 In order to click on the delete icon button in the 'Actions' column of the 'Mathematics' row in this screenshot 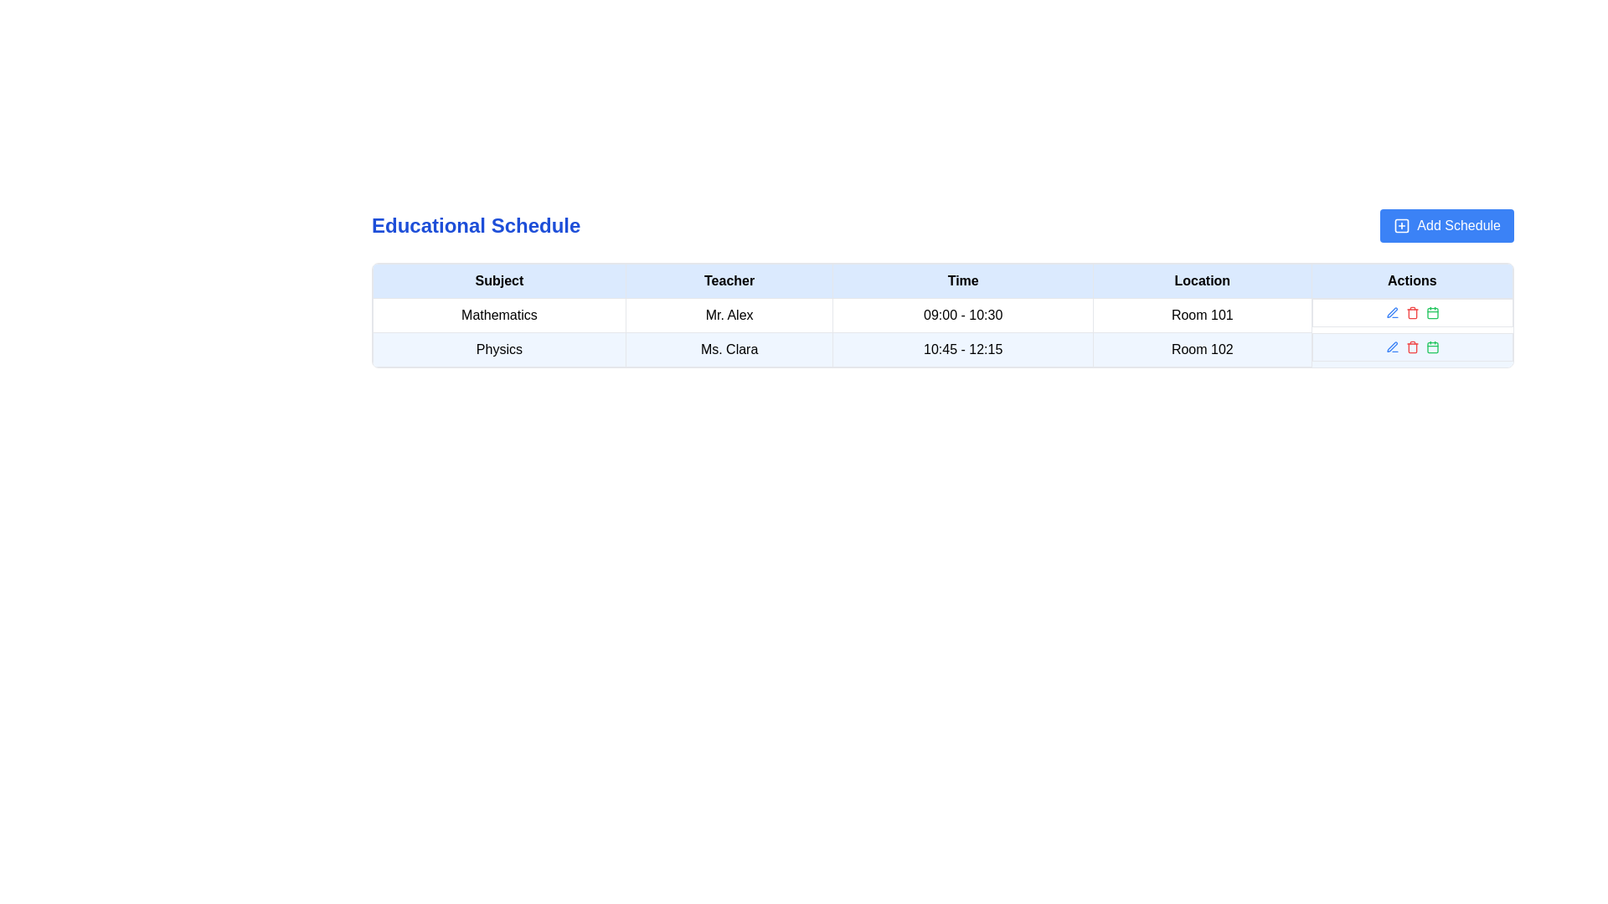, I will do `click(1411, 313)`.